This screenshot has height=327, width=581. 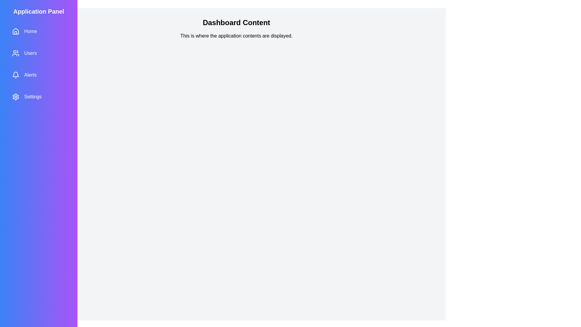 What do you see at coordinates (12, 12) in the screenshot?
I see `toggle button located at the top-left corner of the screen to toggle the sidebar visibility` at bounding box center [12, 12].